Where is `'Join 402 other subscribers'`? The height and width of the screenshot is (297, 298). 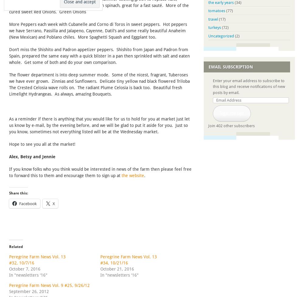
'Join 402 other subscribers' is located at coordinates (231, 125).